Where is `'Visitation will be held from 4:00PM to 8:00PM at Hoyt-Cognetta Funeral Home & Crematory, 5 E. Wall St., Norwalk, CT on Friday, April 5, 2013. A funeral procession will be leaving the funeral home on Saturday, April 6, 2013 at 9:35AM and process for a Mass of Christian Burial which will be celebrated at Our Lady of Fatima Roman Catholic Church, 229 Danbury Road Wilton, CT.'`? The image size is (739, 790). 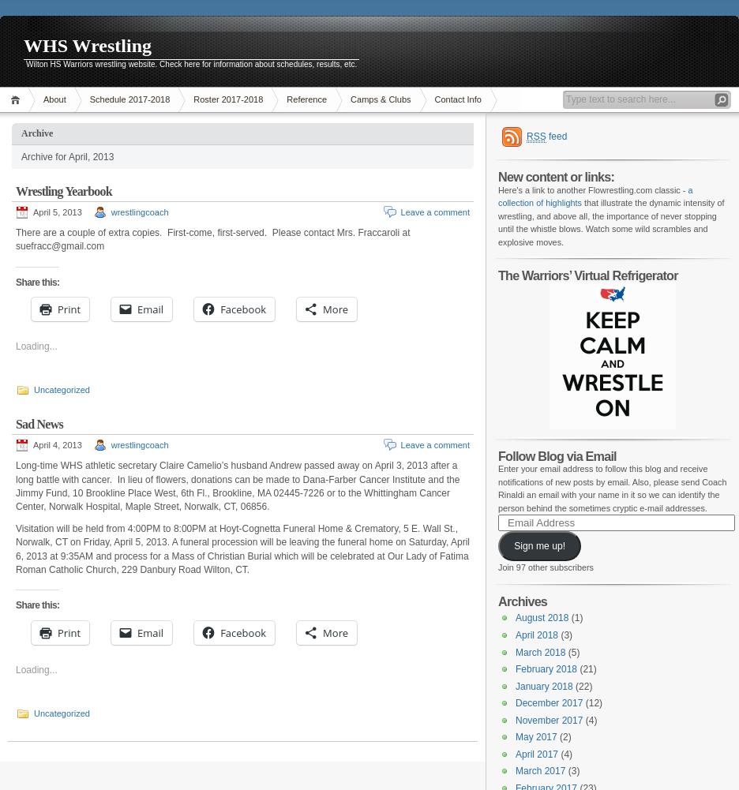 'Visitation will be held from 4:00PM to 8:00PM at Hoyt-Cognetta Funeral Home & Crematory, 5 E. Wall St., Norwalk, CT on Friday, April 5, 2013. A funeral procession will be leaving the funeral home on Saturday, April 6, 2013 at 9:35AM and process for a Mass of Christian Burial which will be celebrated at Our Lady of Fatima Roman Catholic Church, 229 Danbury Road Wilton, CT.' is located at coordinates (242, 547).